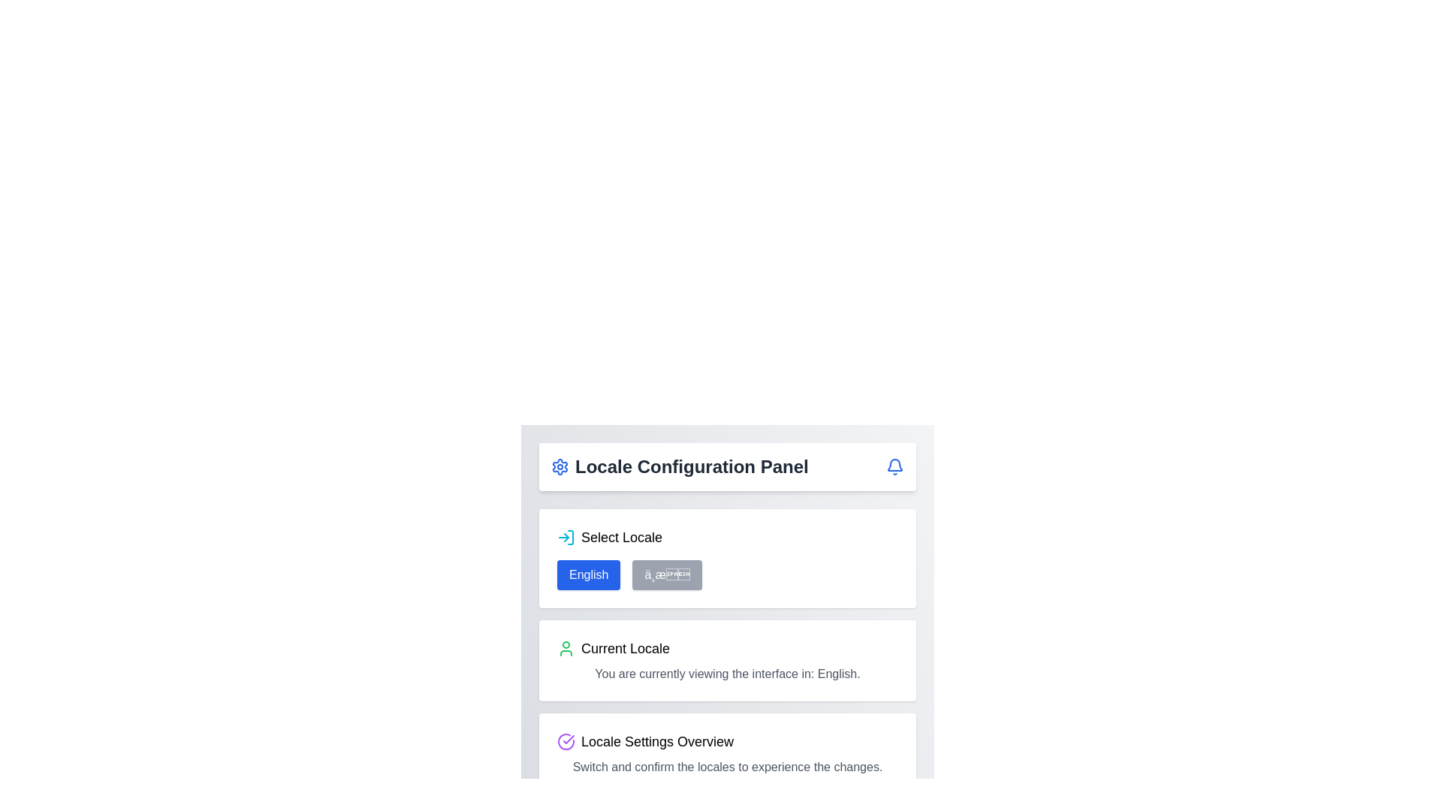 The width and height of the screenshot is (1442, 811). Describe the element at coordinates (894, 466) in the screenshot. I see `the bell-shaped icon located in the top-right corner of the 'Locale Configuration Panel'` at that location.